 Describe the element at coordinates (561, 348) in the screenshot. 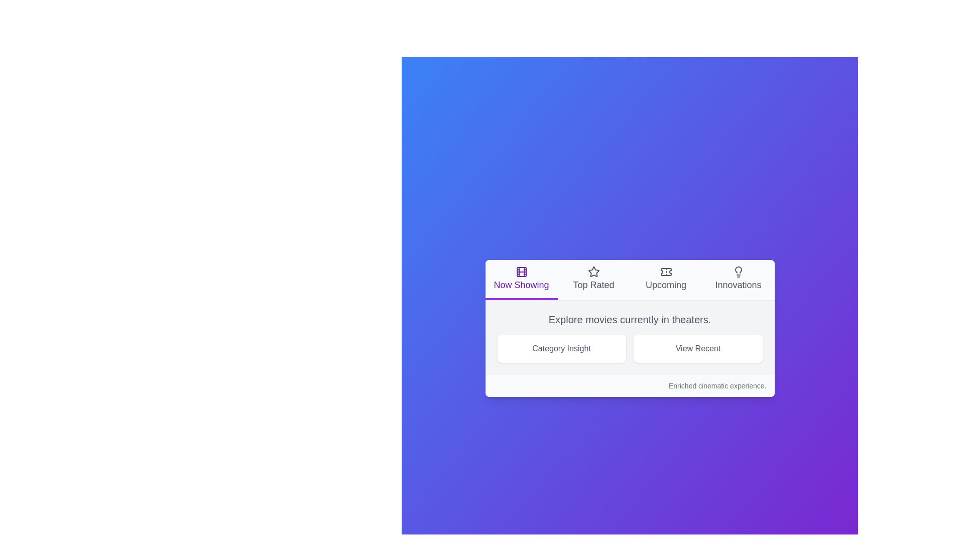

I see `the 'Category Insight' informational tile, which is a white rectangular tile with rounded corners and shadow effect` at that location.